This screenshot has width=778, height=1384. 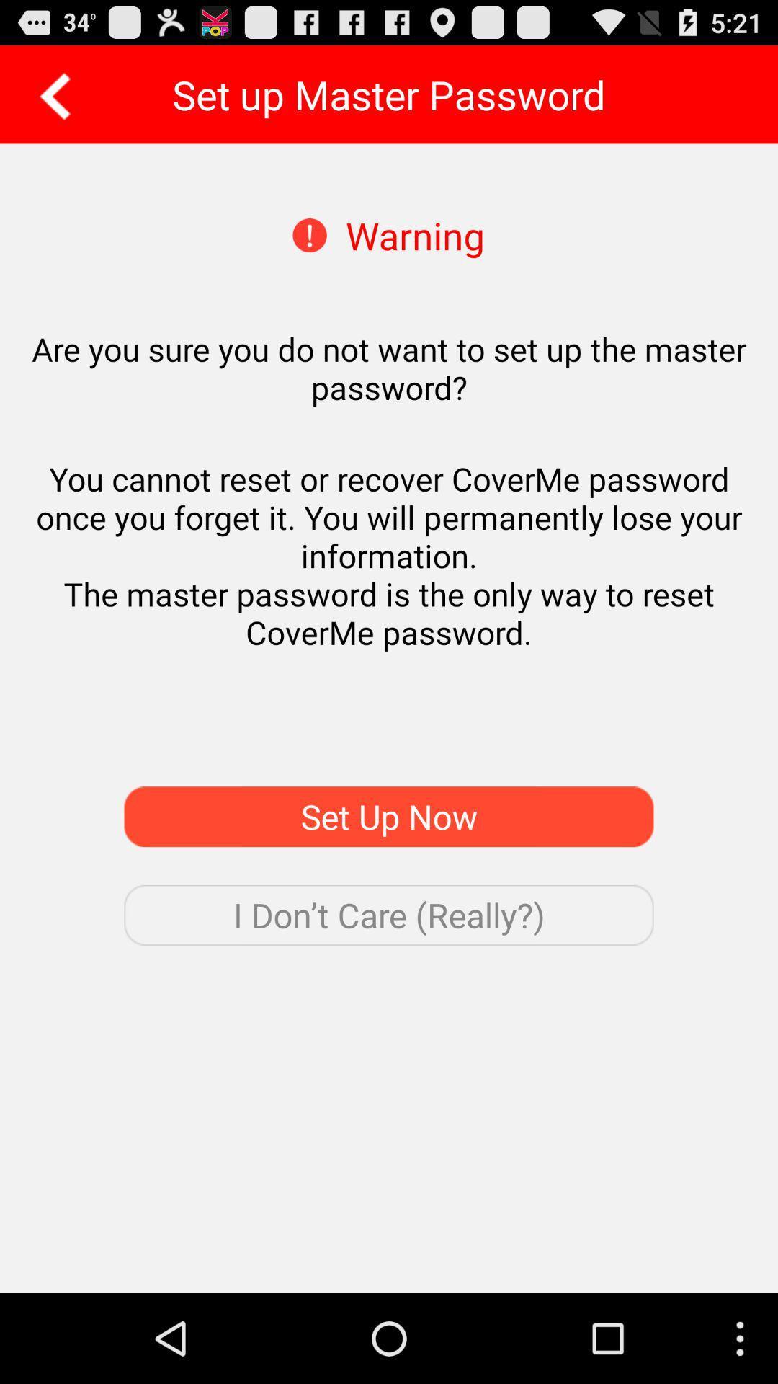 What do you see at coordinates (50, 94) in the screenshot?
I see `go back` at bounding box center [50, 94].